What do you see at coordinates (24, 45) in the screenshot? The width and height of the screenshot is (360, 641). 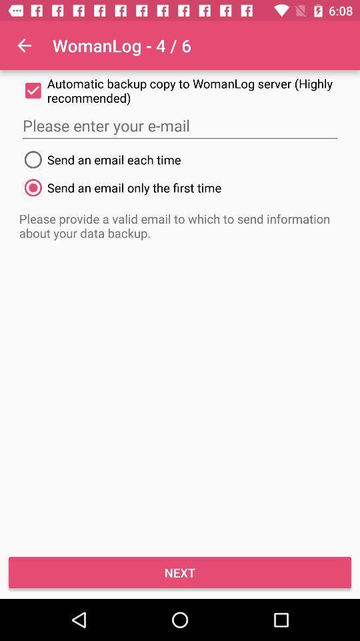 I see `the item above automatic backup copy` at bounding box center [24, 45].